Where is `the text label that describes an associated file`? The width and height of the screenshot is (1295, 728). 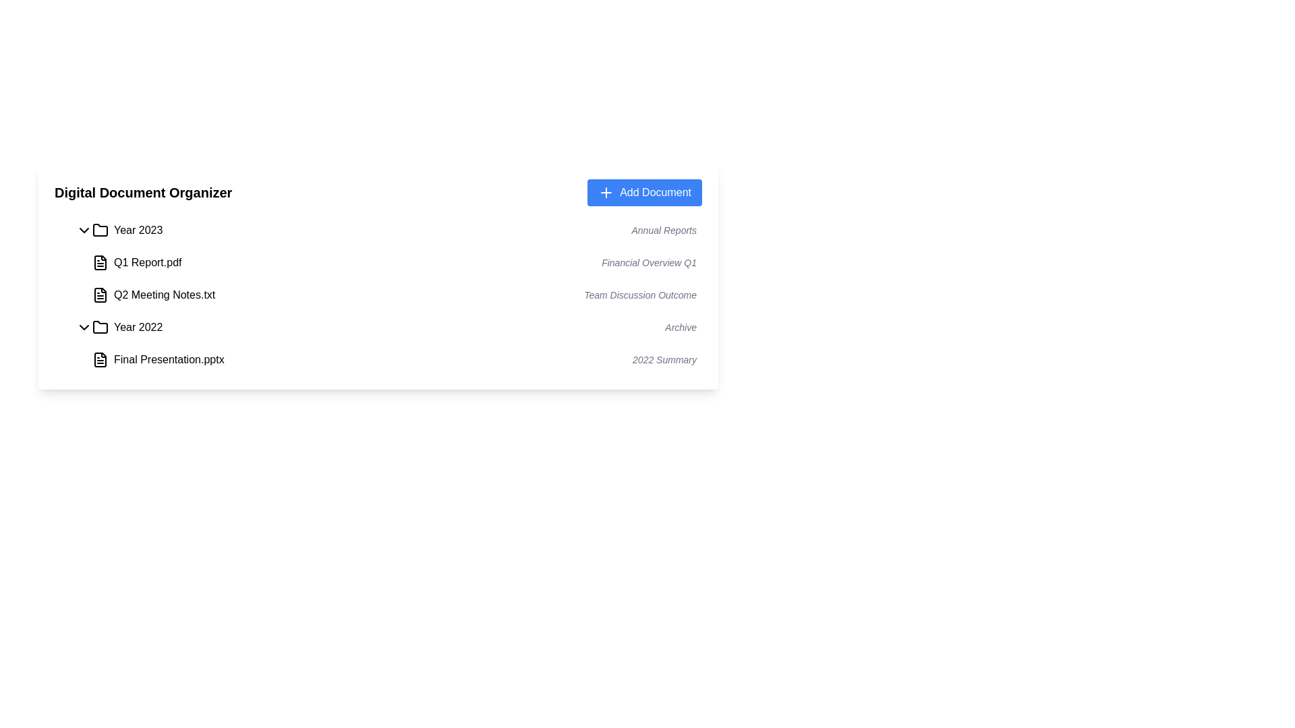
the text label that describes an associated file is located at coordinates (168, 359).